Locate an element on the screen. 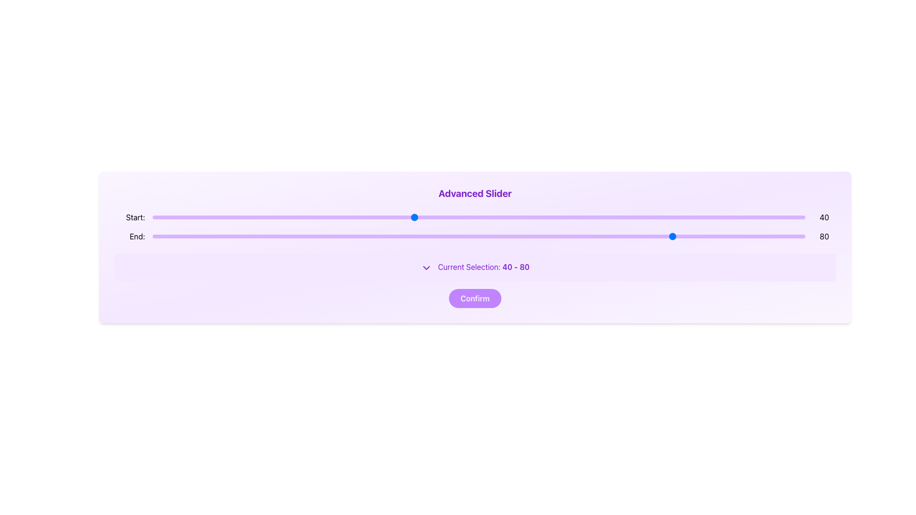 The image size is (916, 515). the advanced slider is located at coordinates (531, 217).